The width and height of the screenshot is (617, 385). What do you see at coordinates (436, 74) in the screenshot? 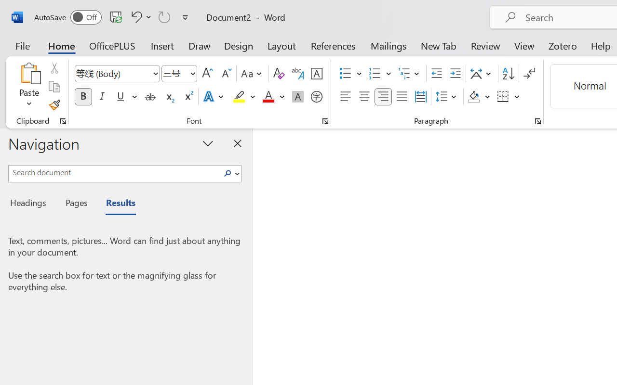
I see `'Decrease Indent'` at bounding box center [436, 74].